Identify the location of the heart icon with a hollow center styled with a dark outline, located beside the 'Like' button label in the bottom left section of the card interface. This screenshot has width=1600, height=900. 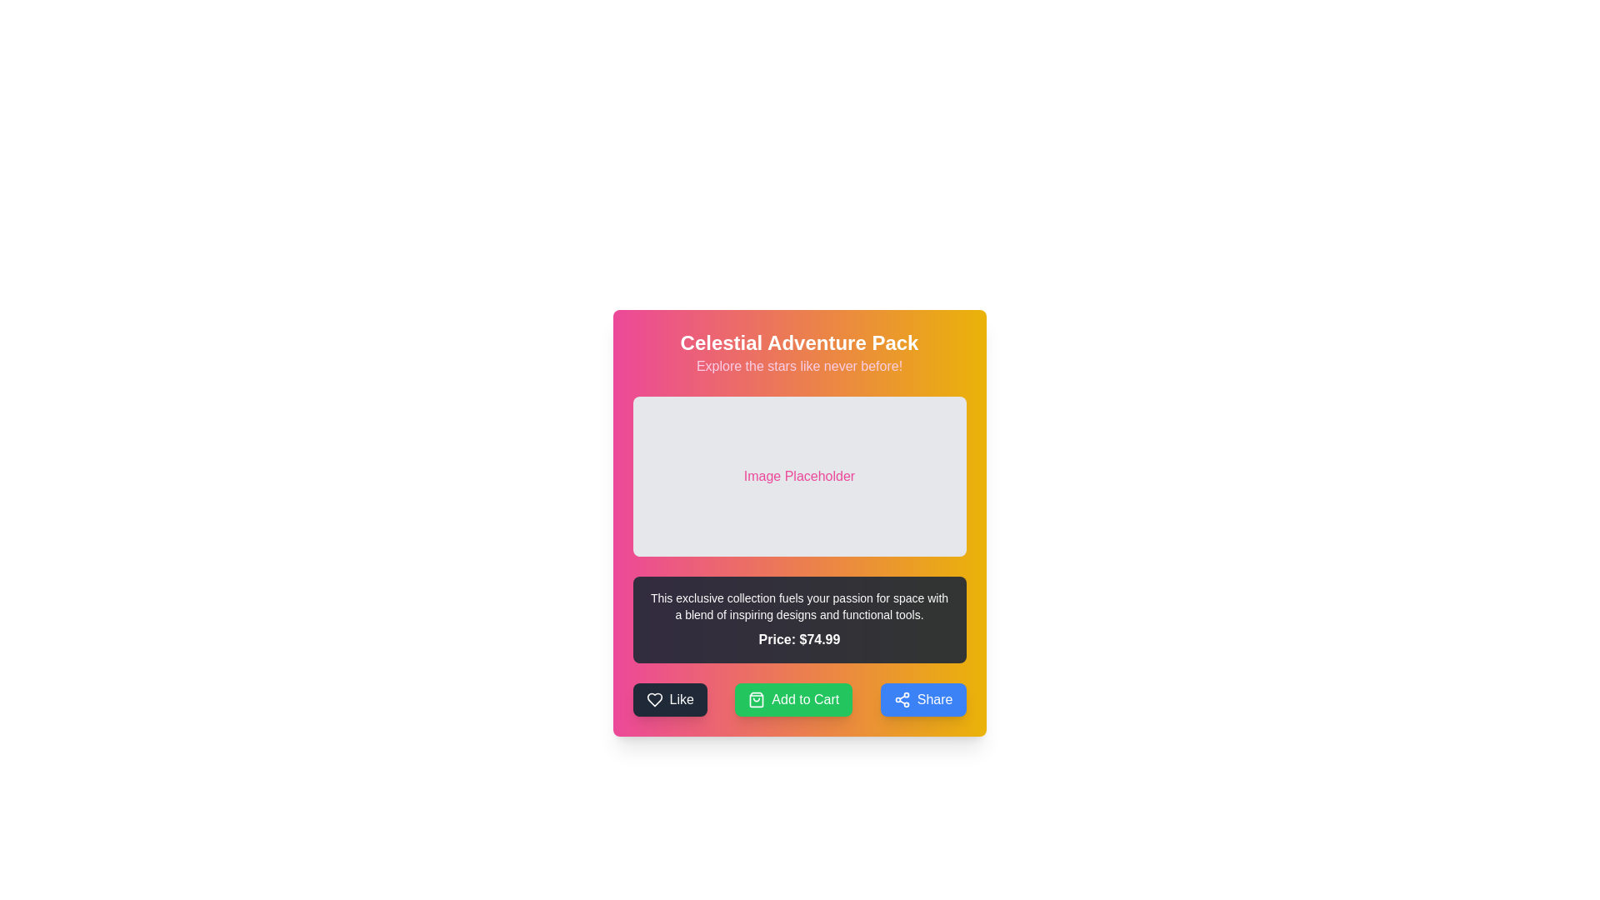
(653, 700).